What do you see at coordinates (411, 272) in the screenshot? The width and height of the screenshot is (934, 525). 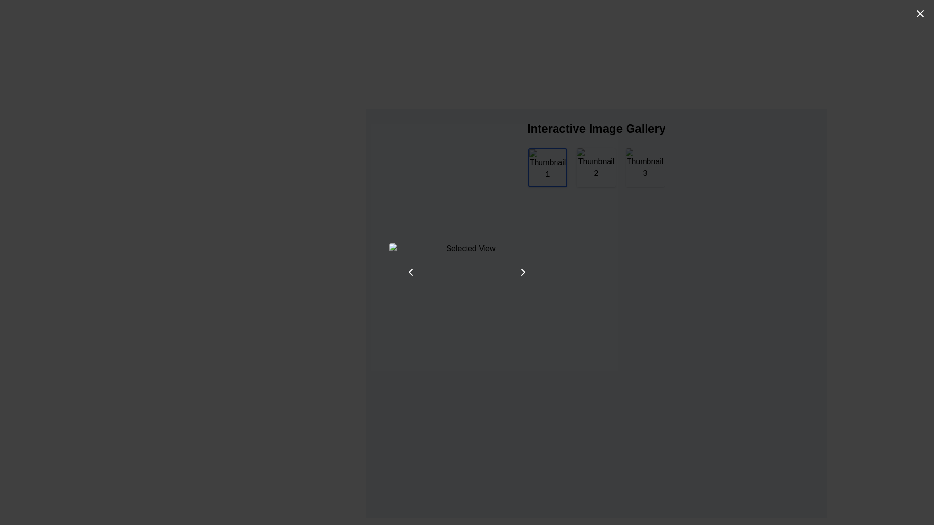 I see `the leftward navigation chevron icon, which visually represents a backward movement action in the main panel's SVG component` at bounding box center [411, 272].